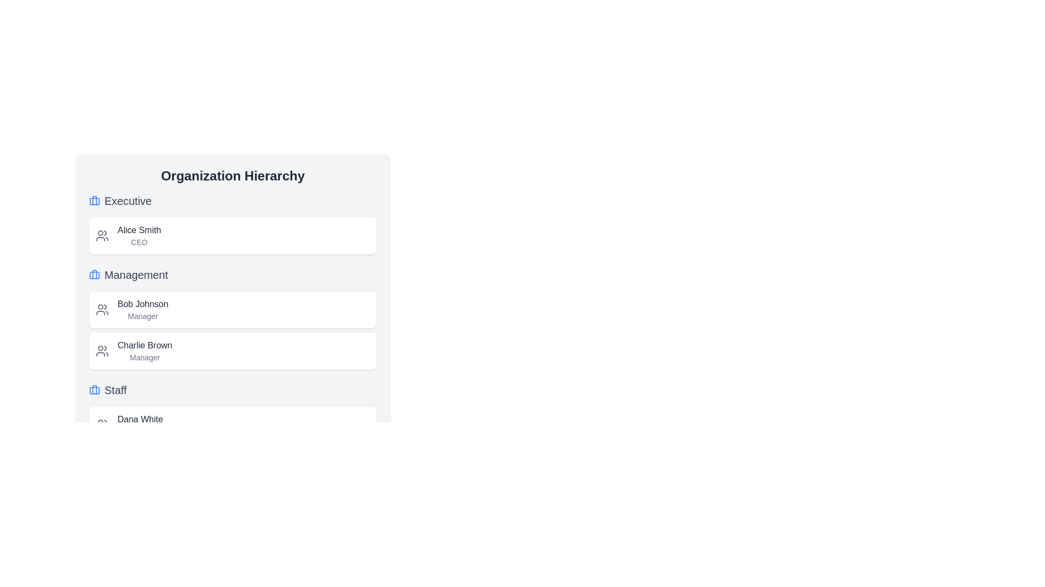 The image size is (1045, 587). I want to click on the icon representing Alice Smith, the CEO, located in the left section of the white box labeled 'Alice Smith\nCEO', so click(102, 235).